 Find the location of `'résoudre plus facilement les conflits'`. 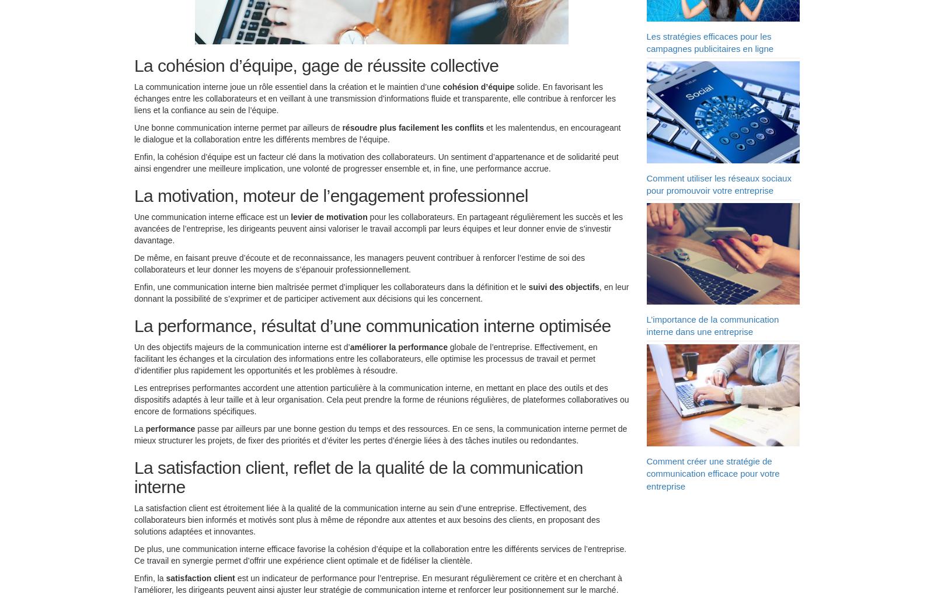

'résoudre plus facilement les conflits' is located at coordinates (413, 130).